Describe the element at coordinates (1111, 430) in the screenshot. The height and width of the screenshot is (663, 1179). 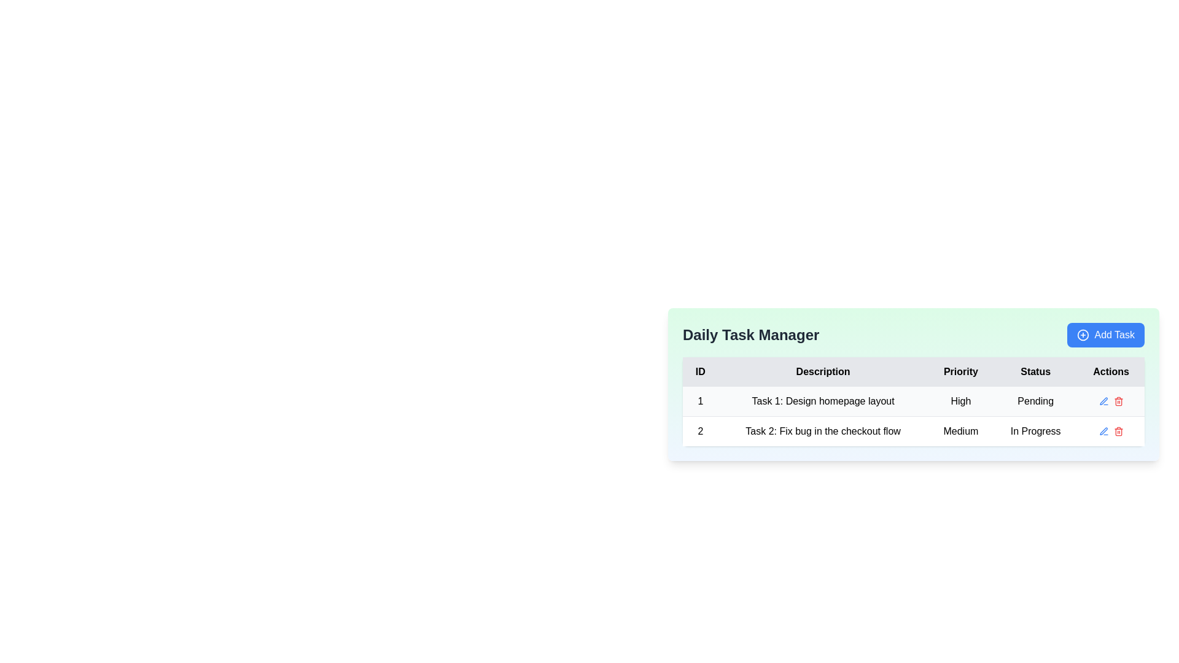
I see `the group of icons (Edit and Delete) located at the rightmost end of the row labeled 'Task 2: Fix bug in the checkout flow' within the 'Actions' column` at that location.